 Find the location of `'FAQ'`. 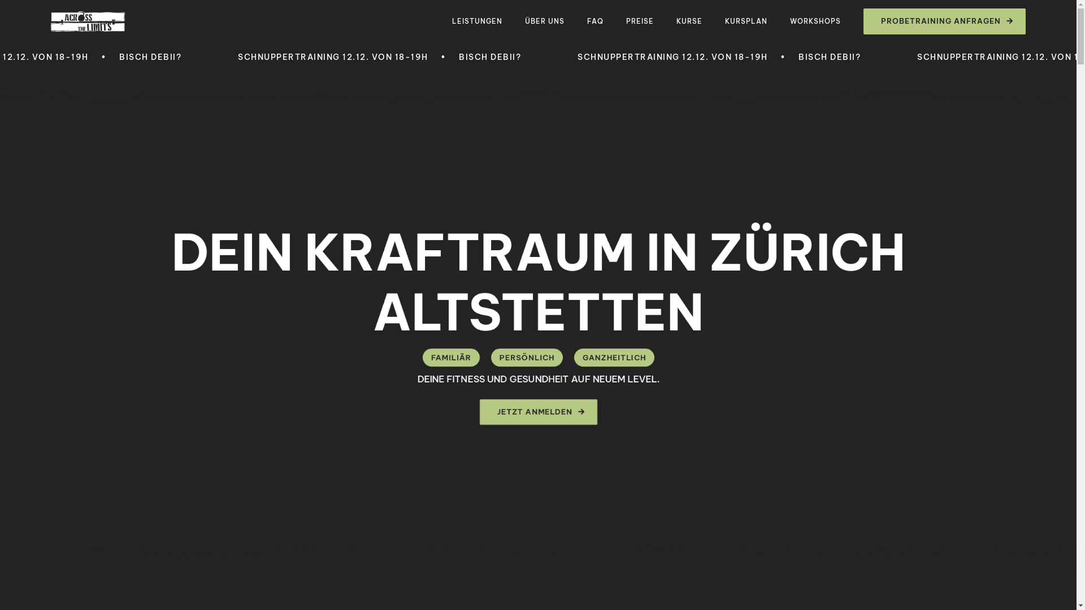

'FAQ' is located at coordinates (606, 21).